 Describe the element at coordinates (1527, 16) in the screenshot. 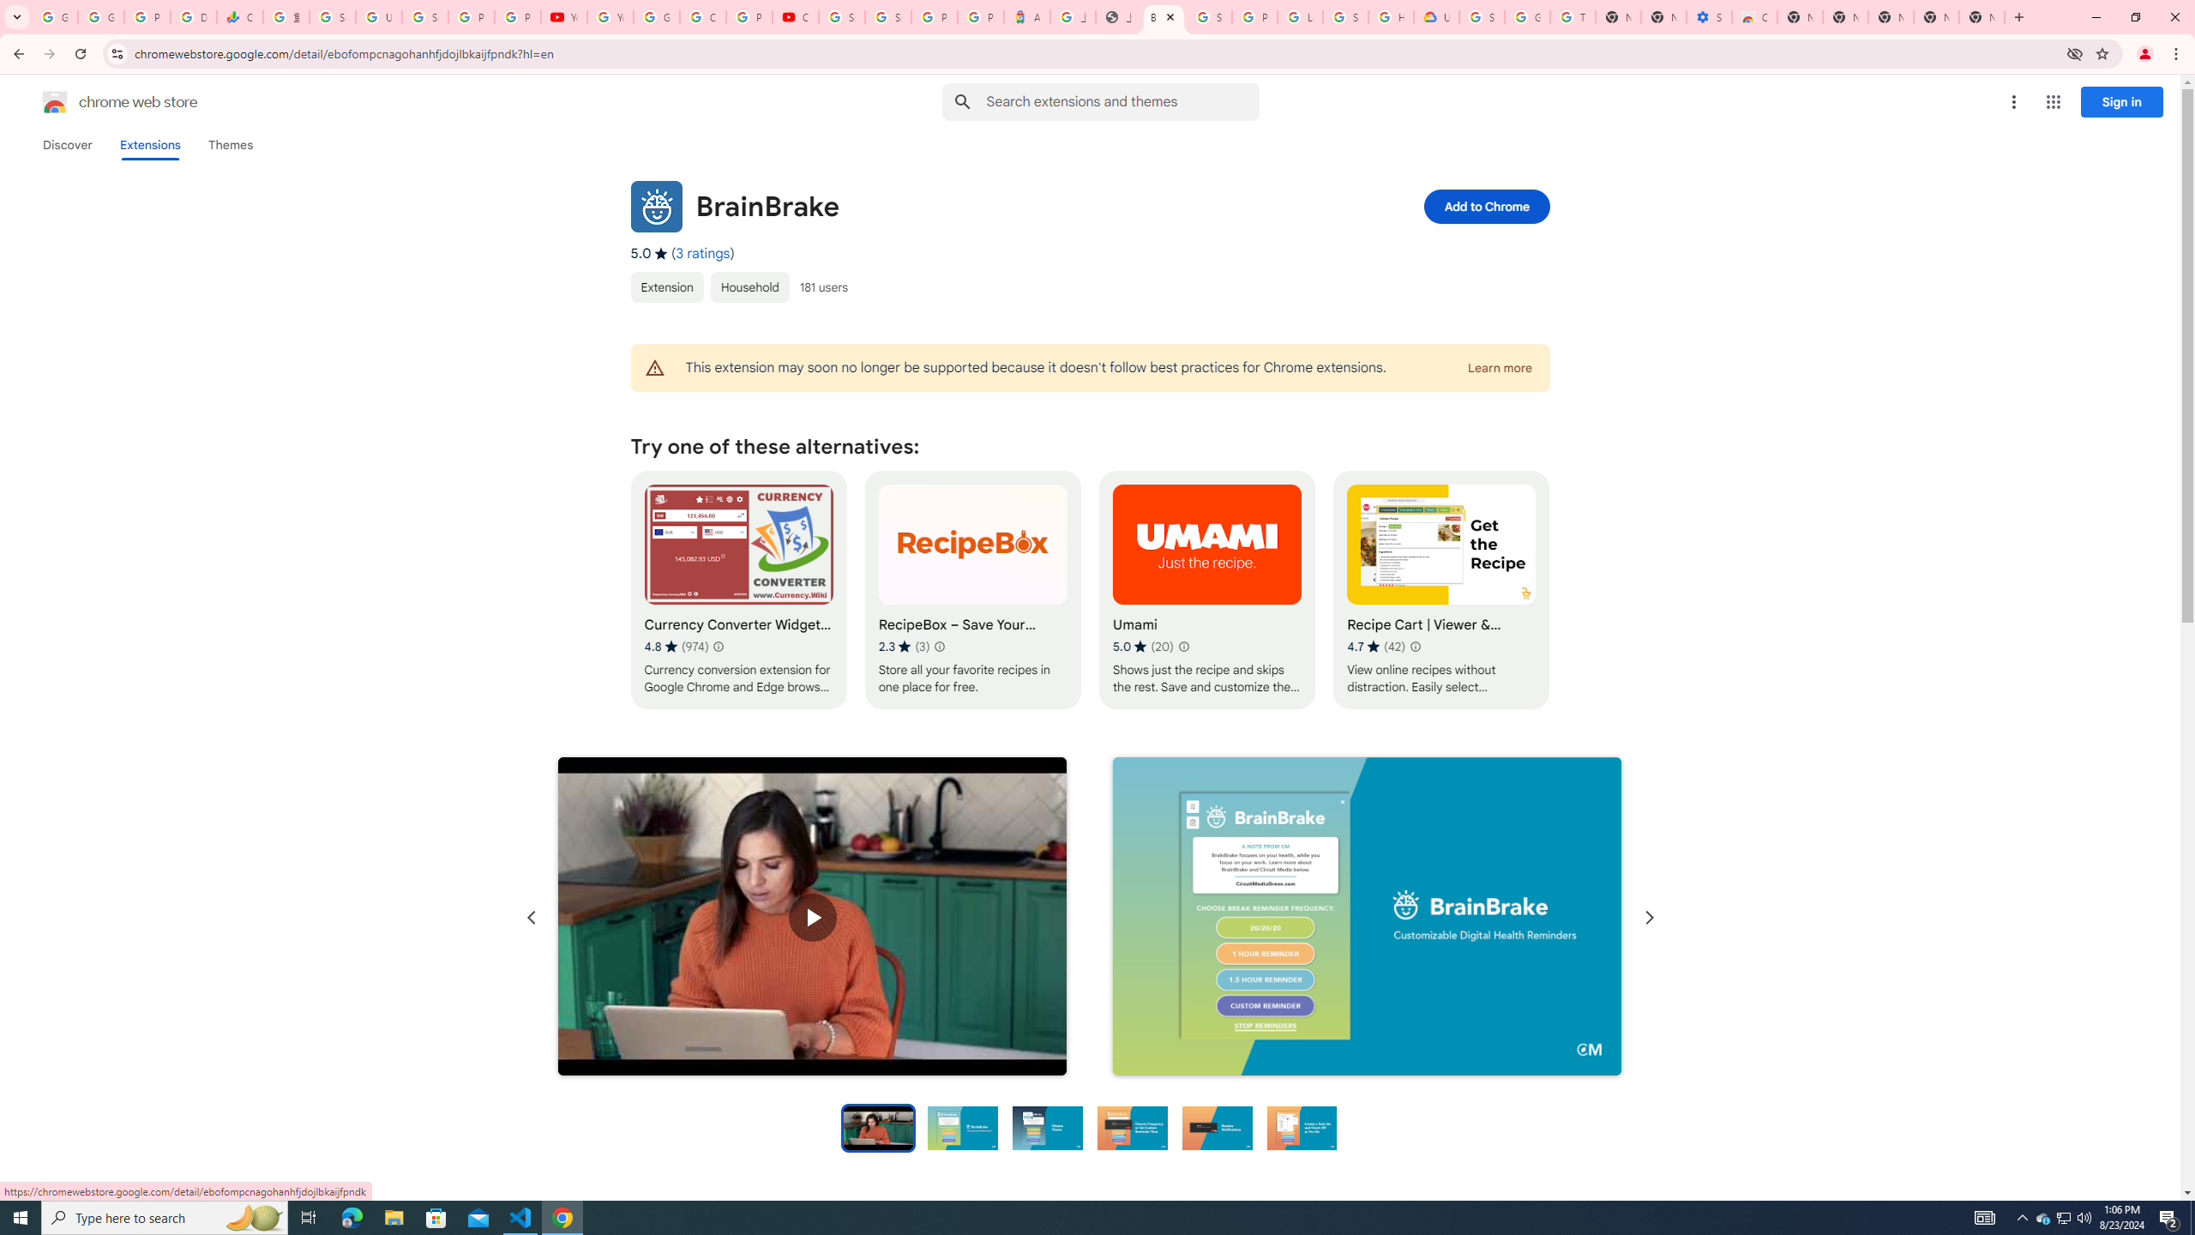

I see `'Google Account Help'` at that location.